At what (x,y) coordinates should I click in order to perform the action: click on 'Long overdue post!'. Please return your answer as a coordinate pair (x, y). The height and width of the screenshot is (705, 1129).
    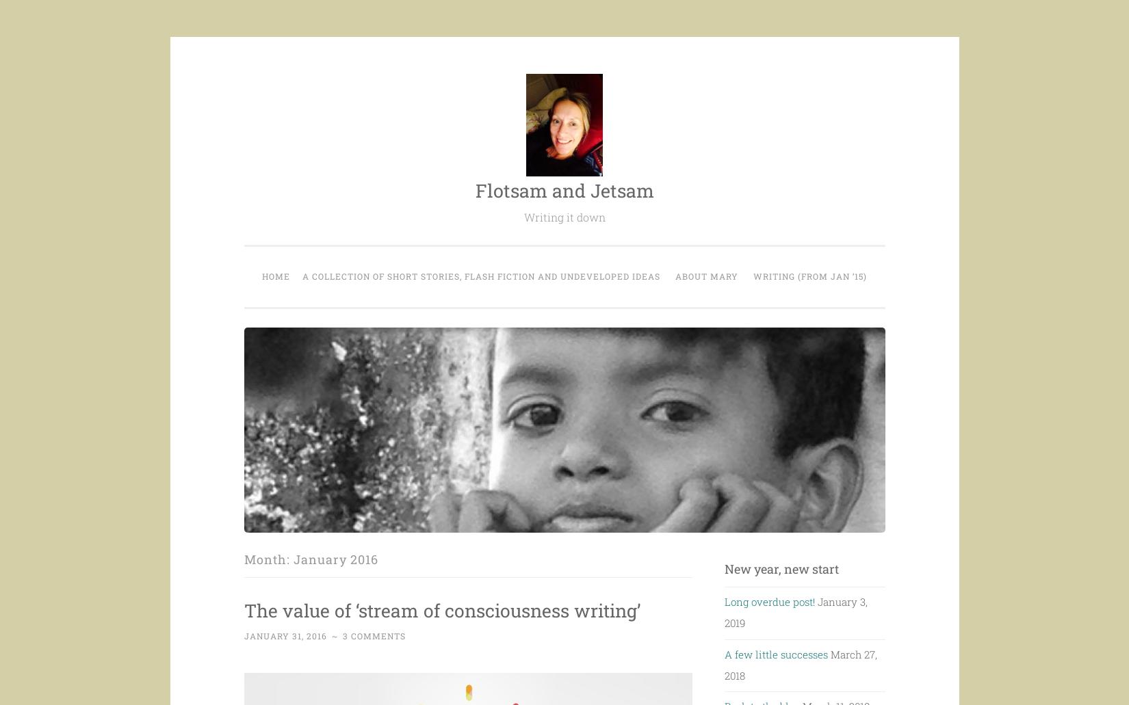
    Looking at the image, I should click on (769, 601).